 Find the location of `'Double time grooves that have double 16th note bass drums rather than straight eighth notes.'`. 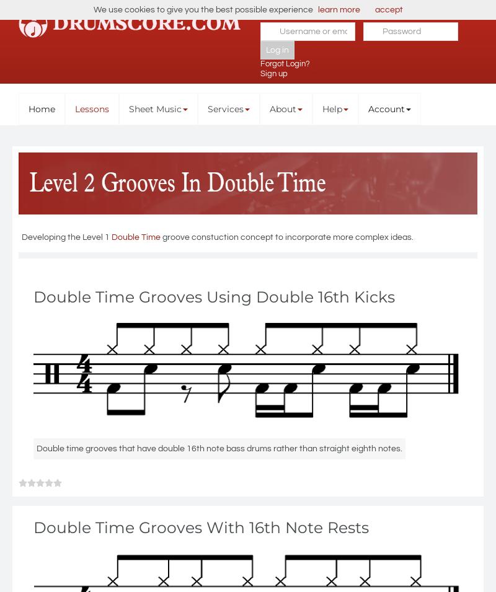

'Double time grooves that have double 16th note bass drums rather than straight eighth notes.' is located at coordinates (219, 448).